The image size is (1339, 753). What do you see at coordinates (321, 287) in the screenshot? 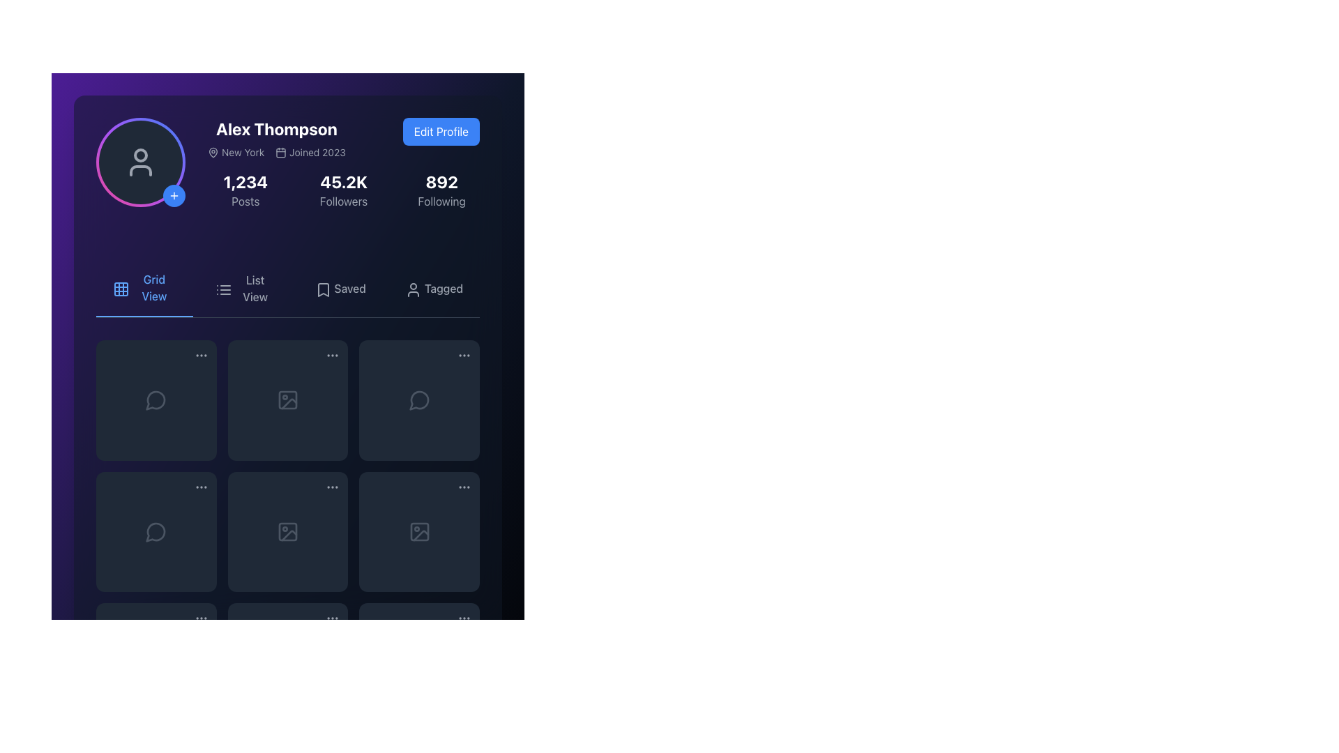
I see `the small grayish bookmark icon located to the immediate left of the 'Saved' label in the navigation menu` at bounding box center [321, 287].